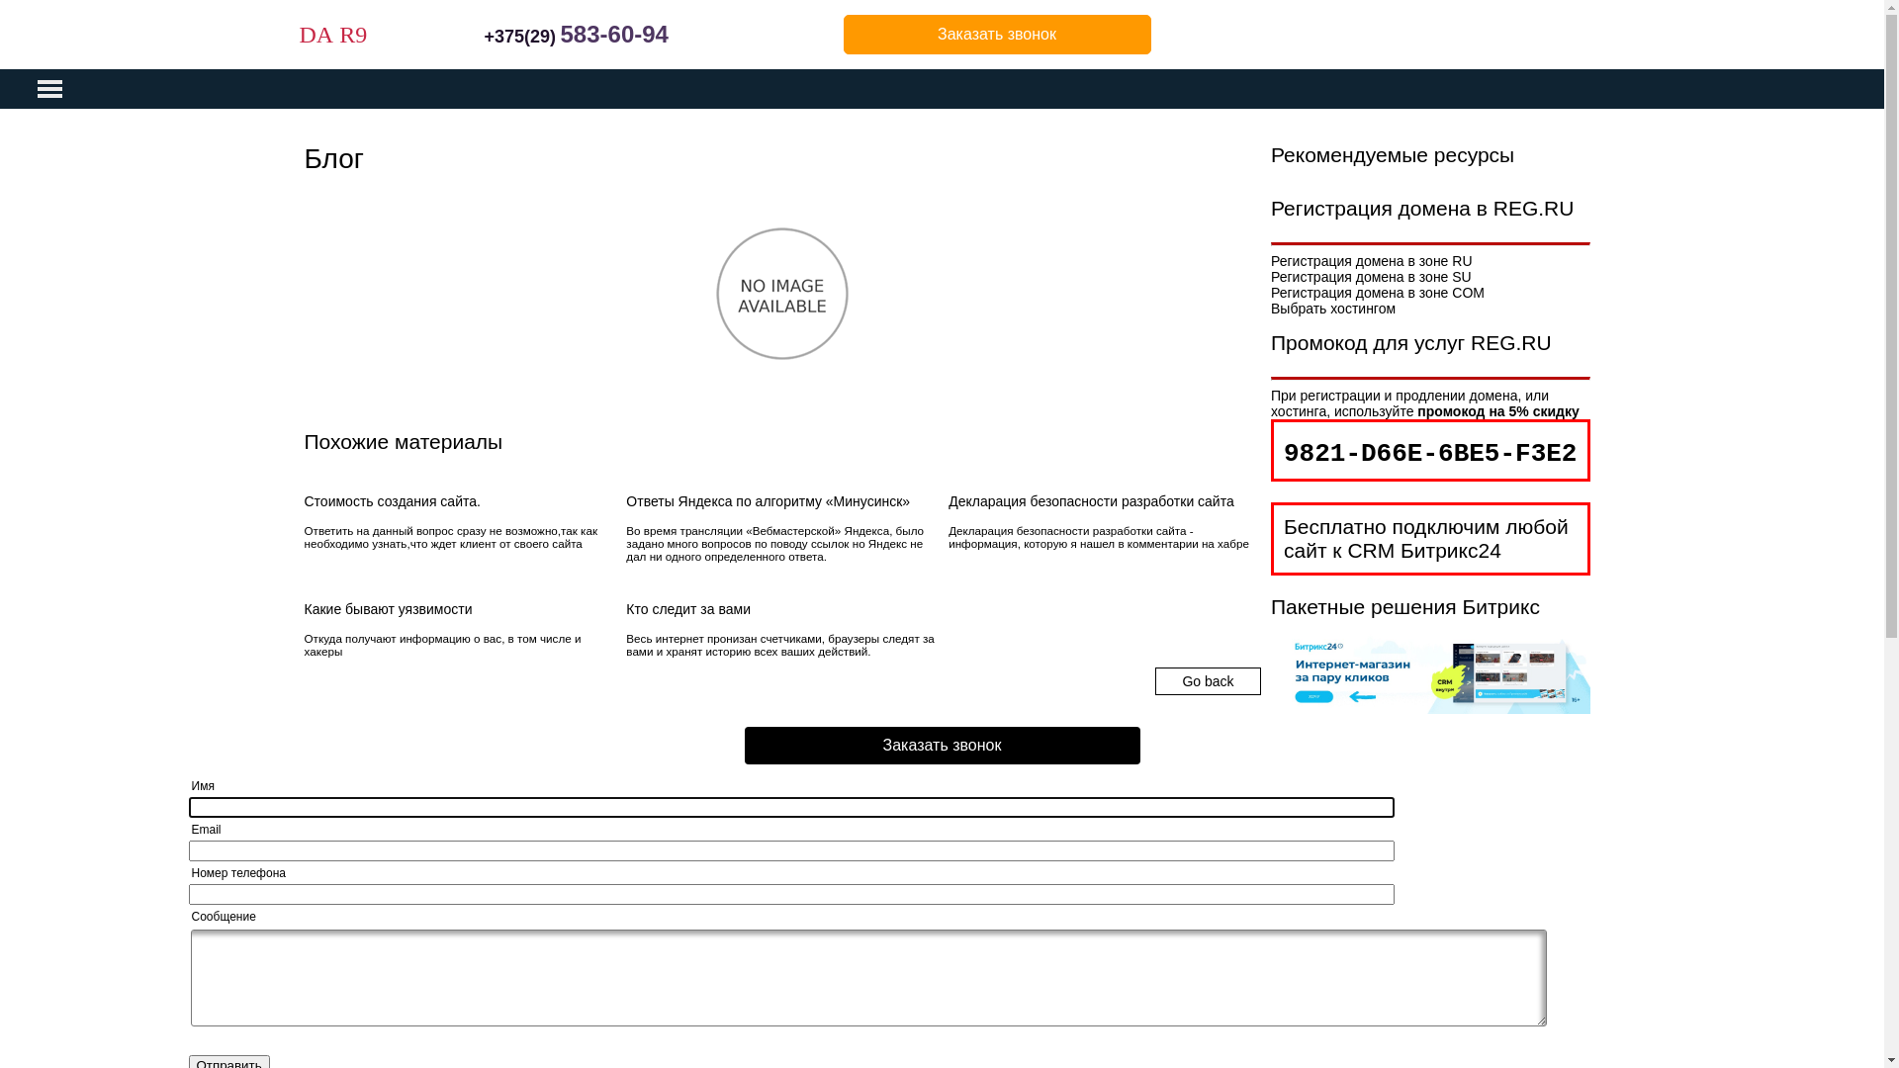 The width and height of the screenshot is (1899, 1068). Describe the element at coordinates (575, 37) in the screenshot. I see `'+375(29) 583-60-94'` at that location.